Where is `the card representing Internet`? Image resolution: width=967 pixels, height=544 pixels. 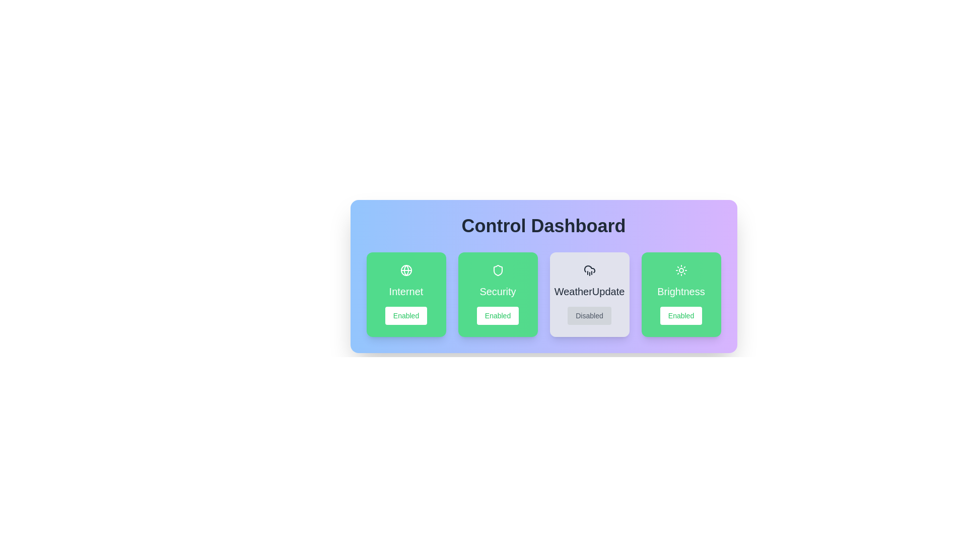
the card representing Internet is located at coordinates (406, 295).